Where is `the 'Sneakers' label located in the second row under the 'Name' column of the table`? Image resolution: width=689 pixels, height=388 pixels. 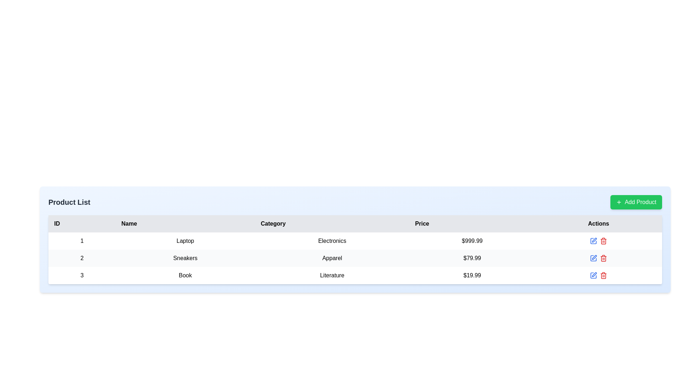
the 'Sneakers' label located in the second row under the 'Name' column of the table is located at coordinates (185, 258).